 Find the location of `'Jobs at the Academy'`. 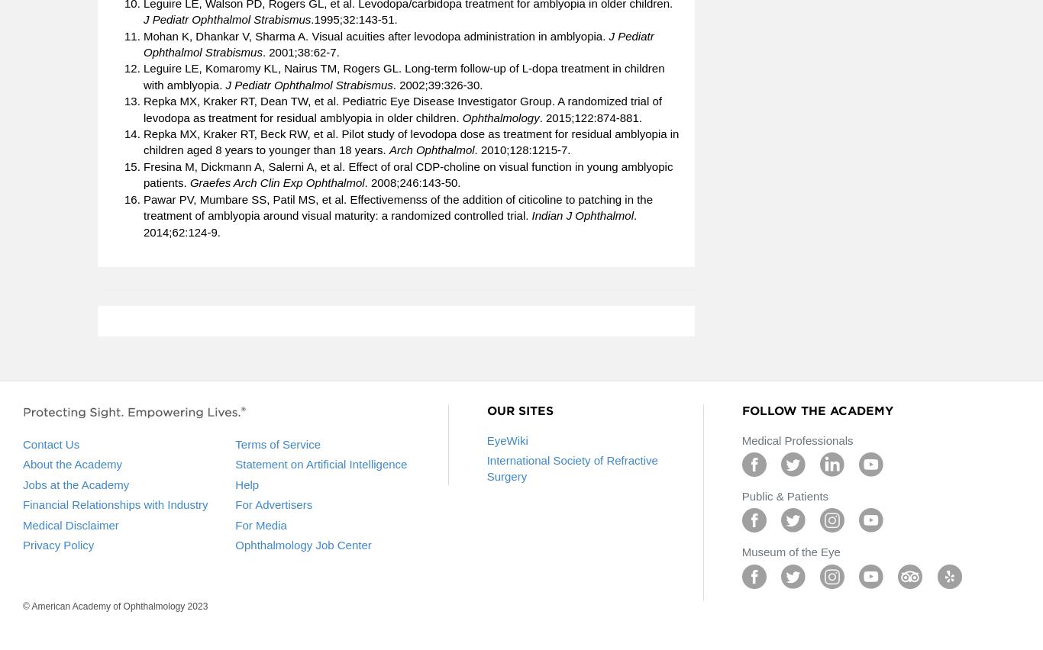

'Jobs at the Academy' is located at coordinates (76, 484).